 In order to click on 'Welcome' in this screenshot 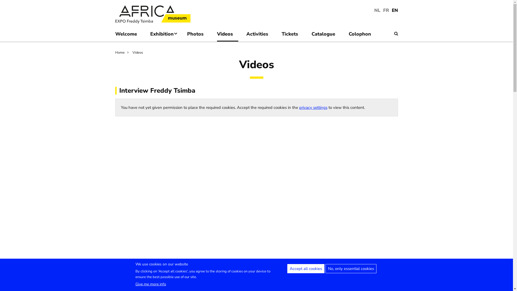, I will do `click(128, 35)`.